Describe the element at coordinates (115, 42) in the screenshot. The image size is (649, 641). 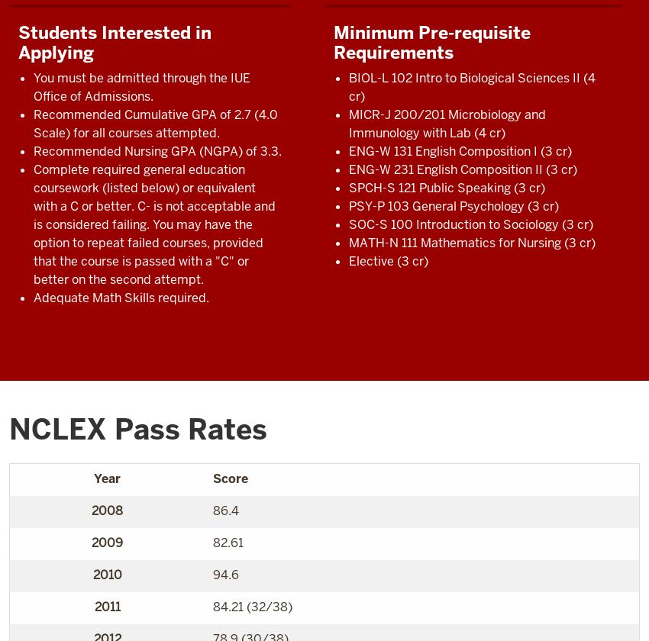
I see `'Students Interested in Applying'` at that location.